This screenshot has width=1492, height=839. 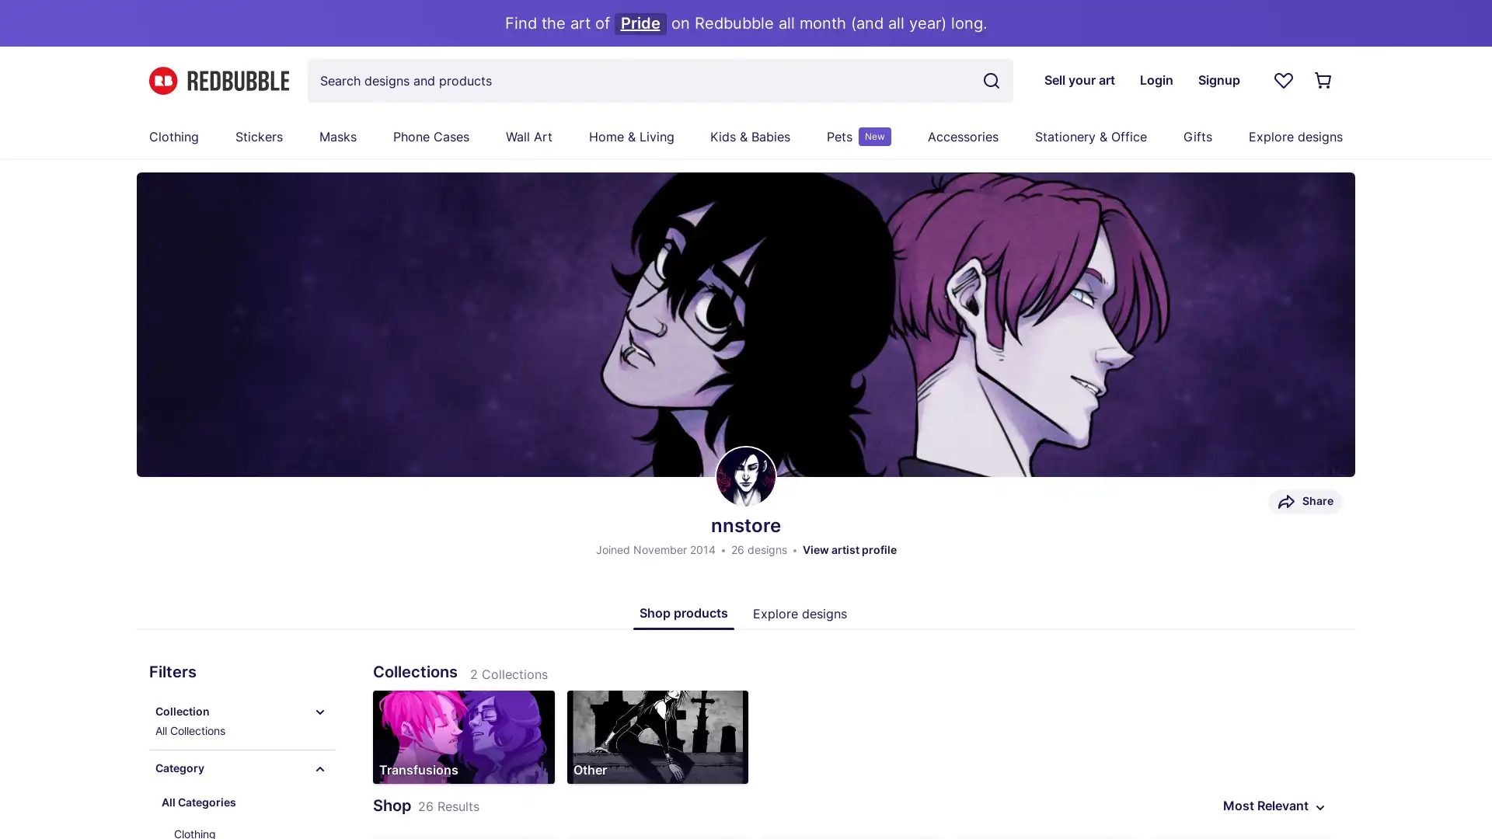 What do you see at coordinates (1305, 501) in the screenshot?
I see `Share` at bounding box center [1305, 501].